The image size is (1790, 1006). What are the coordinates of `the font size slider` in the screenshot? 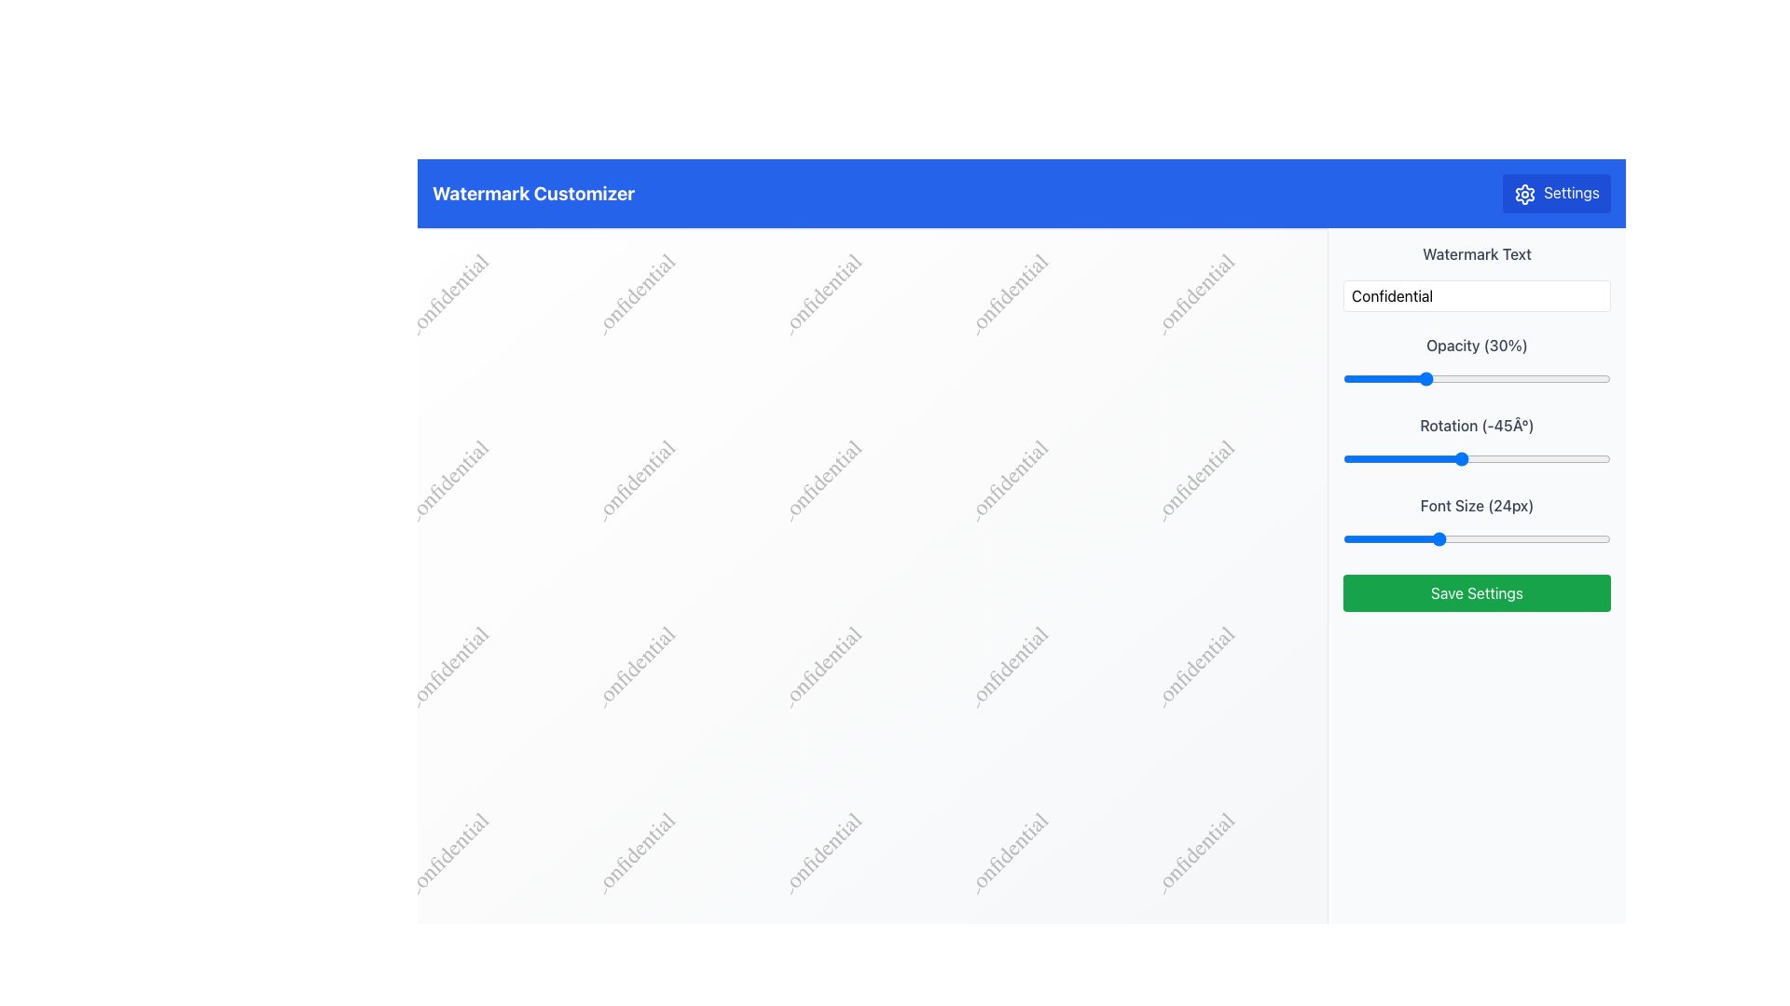 It's located at (1489, 538).